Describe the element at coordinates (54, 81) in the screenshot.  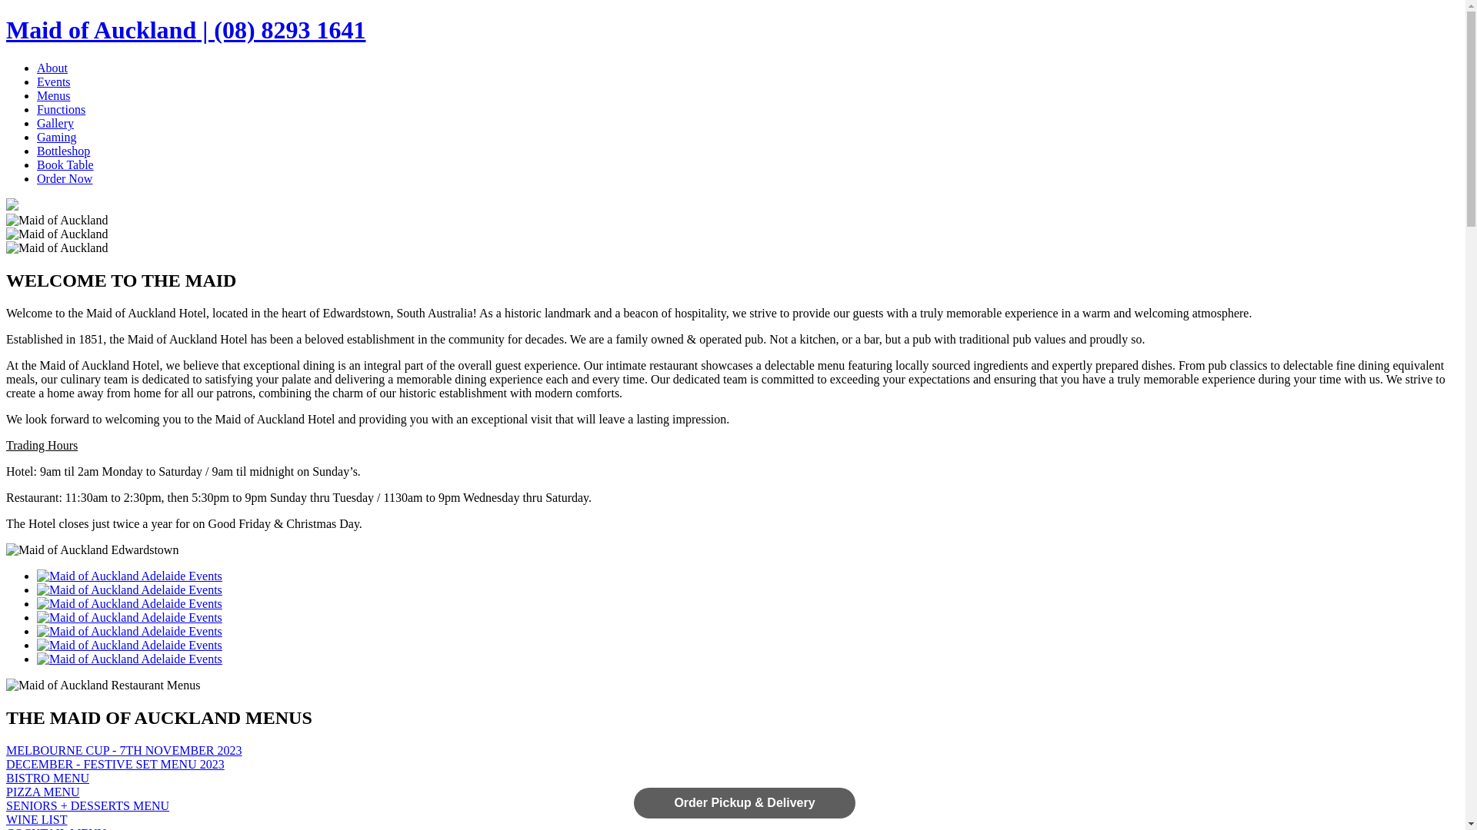
I see `'Events'` at that location.